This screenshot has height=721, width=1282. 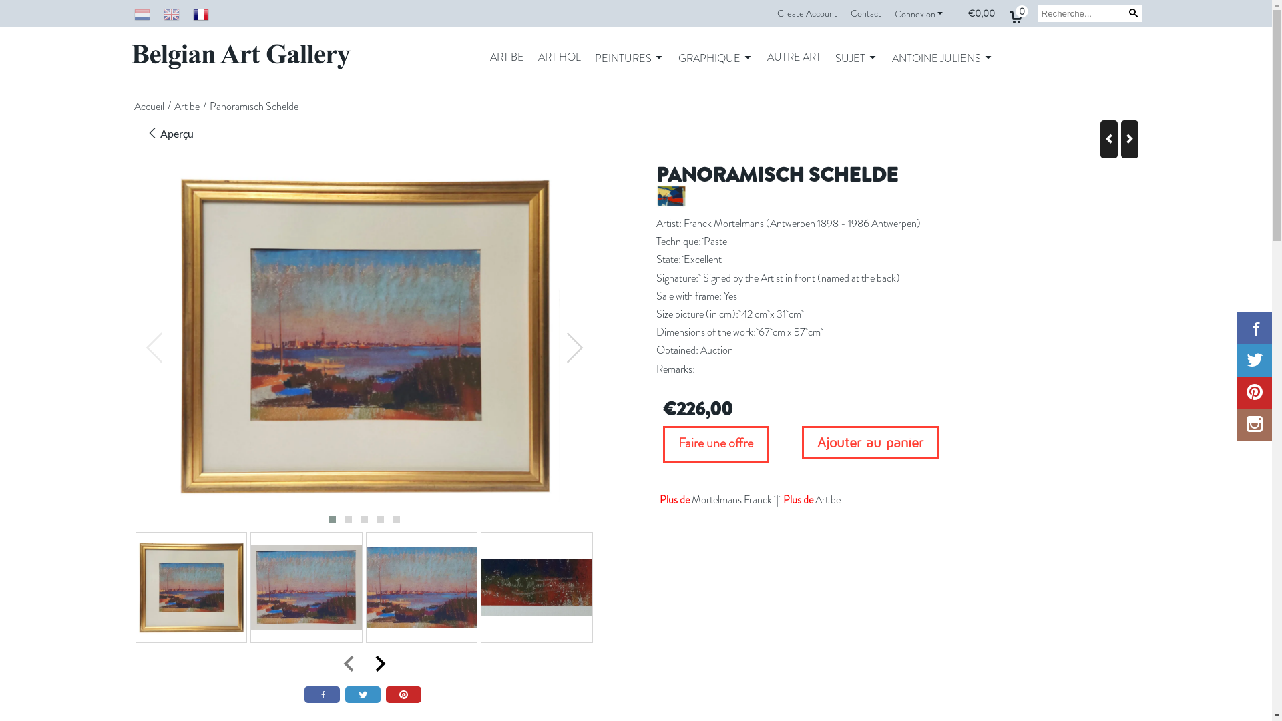 What do you see at coordinates (714, 57) in the screenshot?
I see `'GRAPHIQUE'` at bounding box center [714, 57].